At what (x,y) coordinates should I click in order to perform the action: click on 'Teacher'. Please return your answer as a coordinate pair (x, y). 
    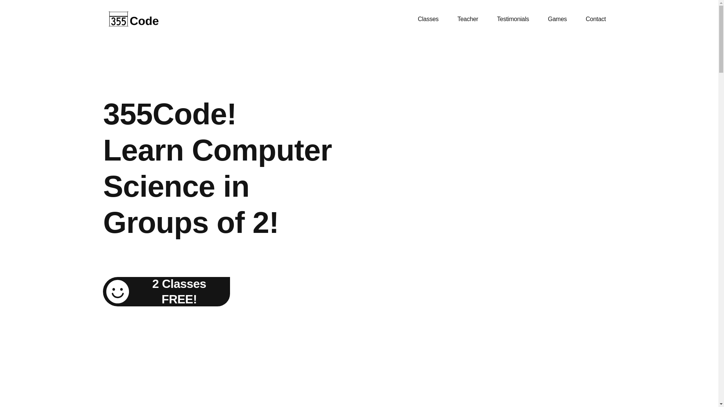
    Looking at the image, I should click on (467, 18).